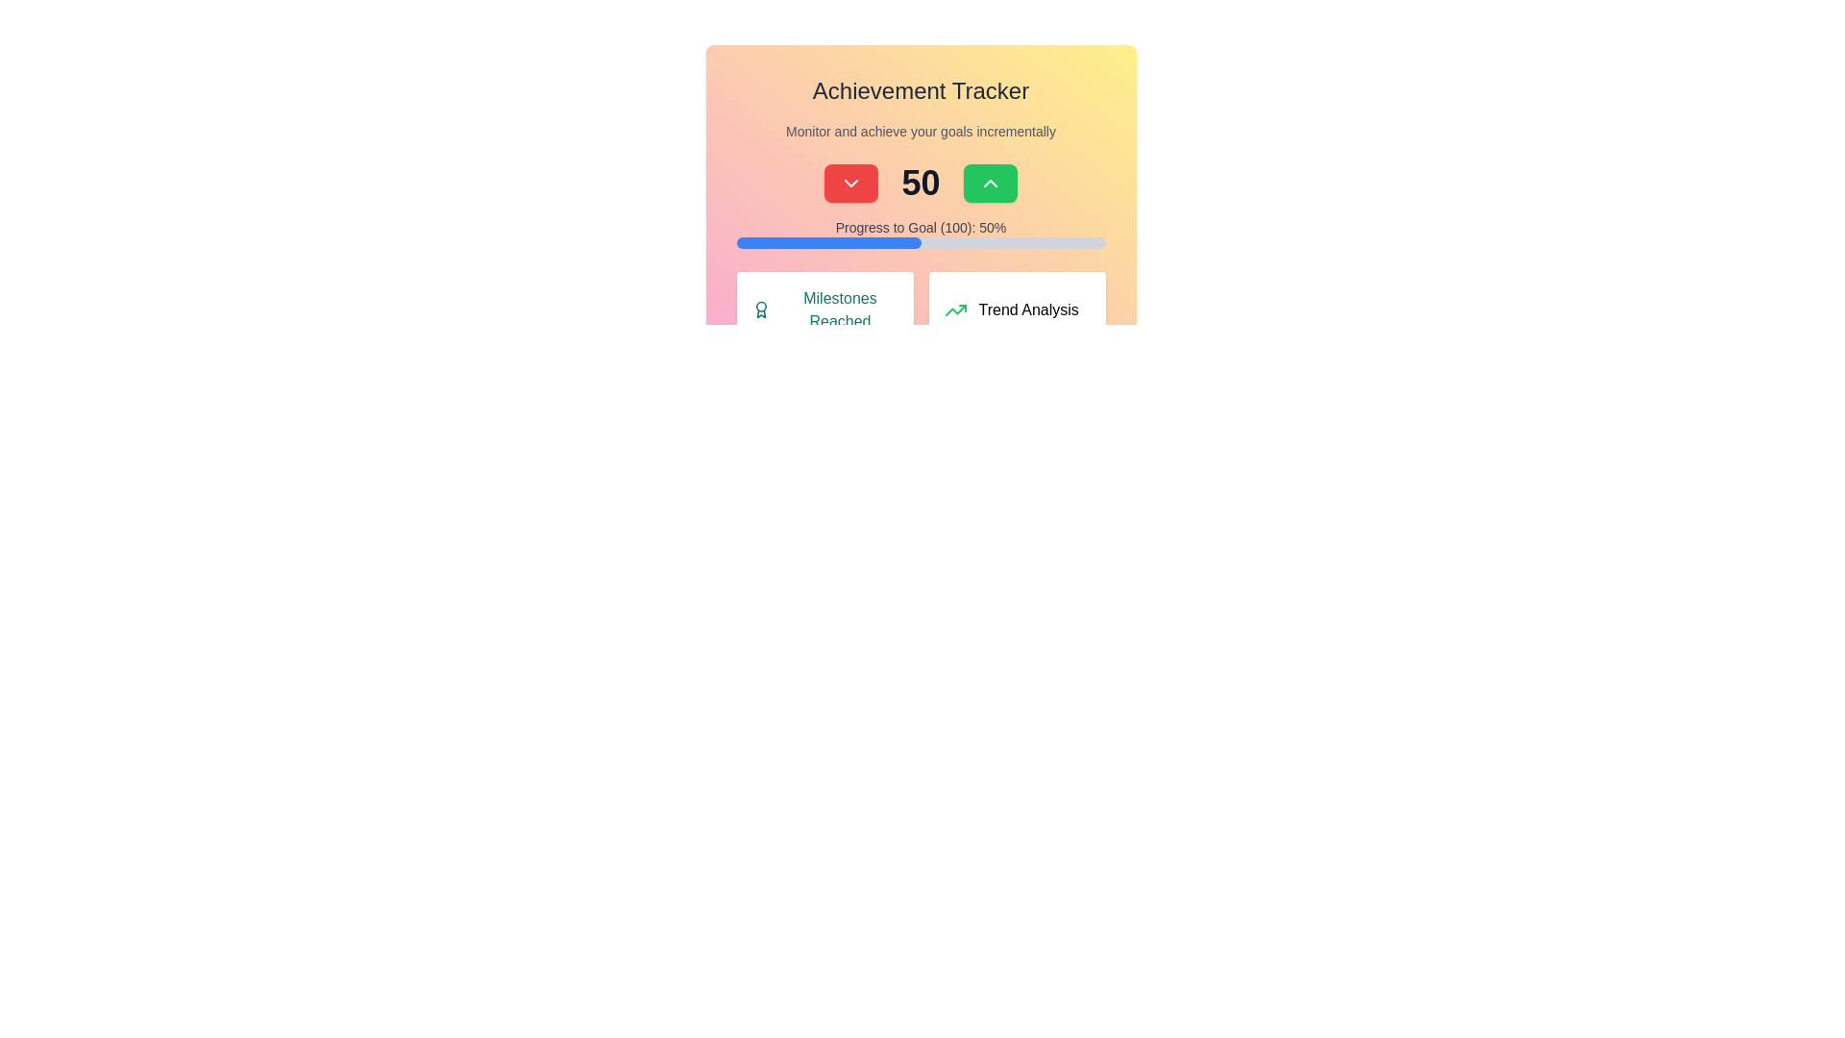 Image resolution: width=1845 pixels, height=1038 pixels. Describe the element at coordinates (850, 184) in the screenshot. I see `the SVG icon of a downward-pointing arrow, which is part of a red rounded button located to the left of the numeric counter '50' and below the 'Achievement Tracker' title` at that location.